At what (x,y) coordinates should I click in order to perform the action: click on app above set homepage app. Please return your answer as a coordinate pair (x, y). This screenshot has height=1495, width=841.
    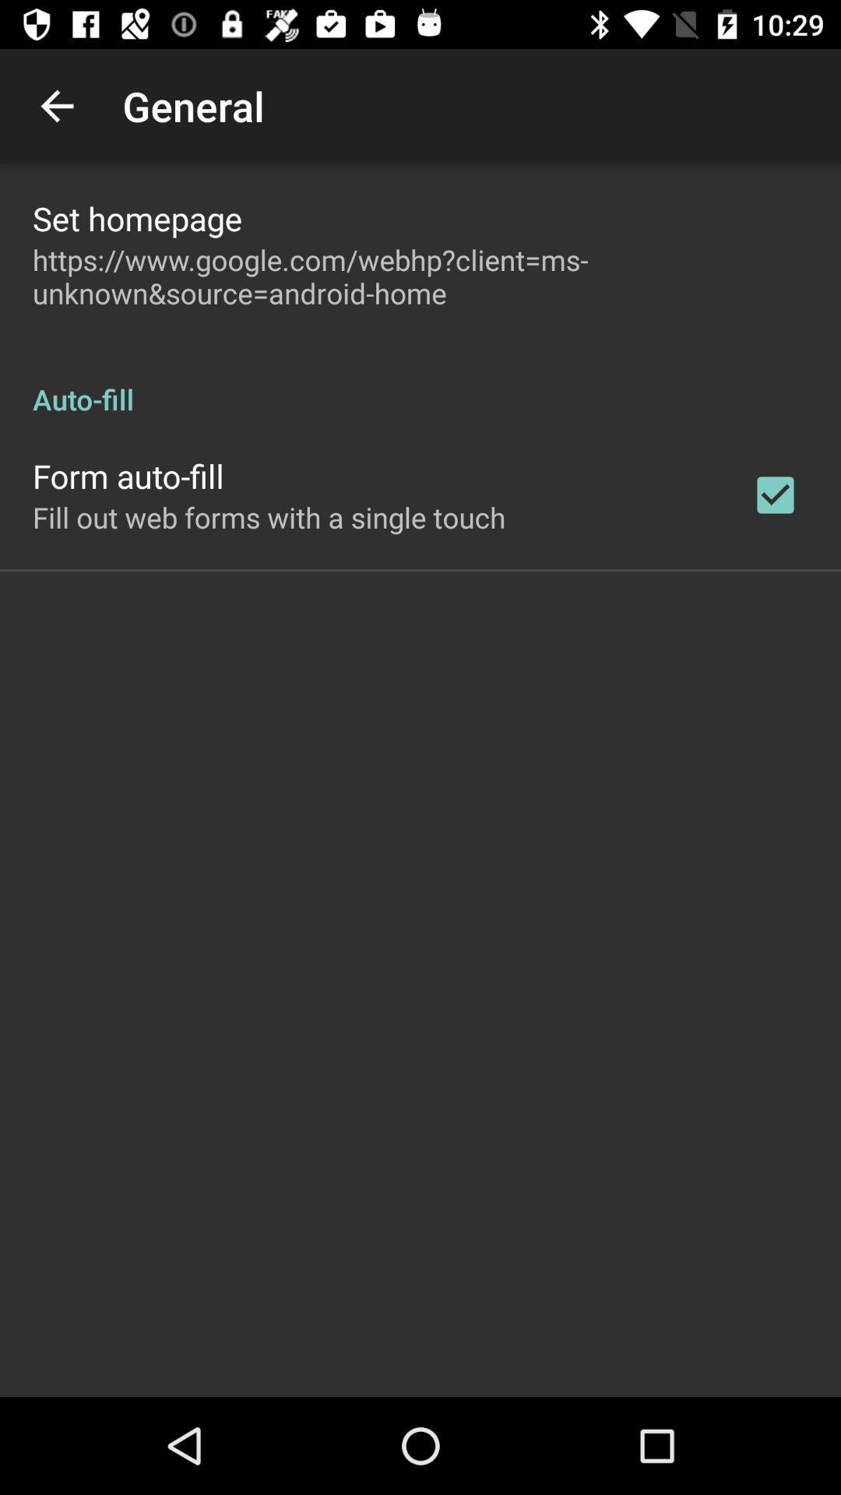
    Looking at the image, I should click on (56, 105).